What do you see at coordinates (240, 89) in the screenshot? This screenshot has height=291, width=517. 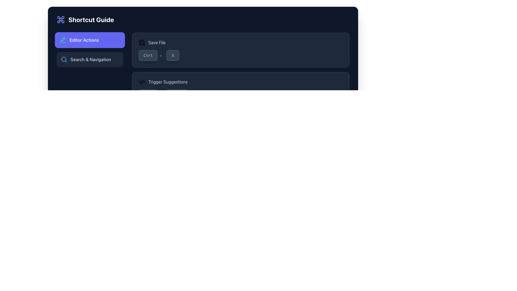 I see `the Informational card containing the text 'Trigger Suggestions' and the keyboard shortcut 'Ctrl+Space', which is positioned between 'Save File' and 'Peek Definition' in the vertical list` at bounding box center [240, 89].